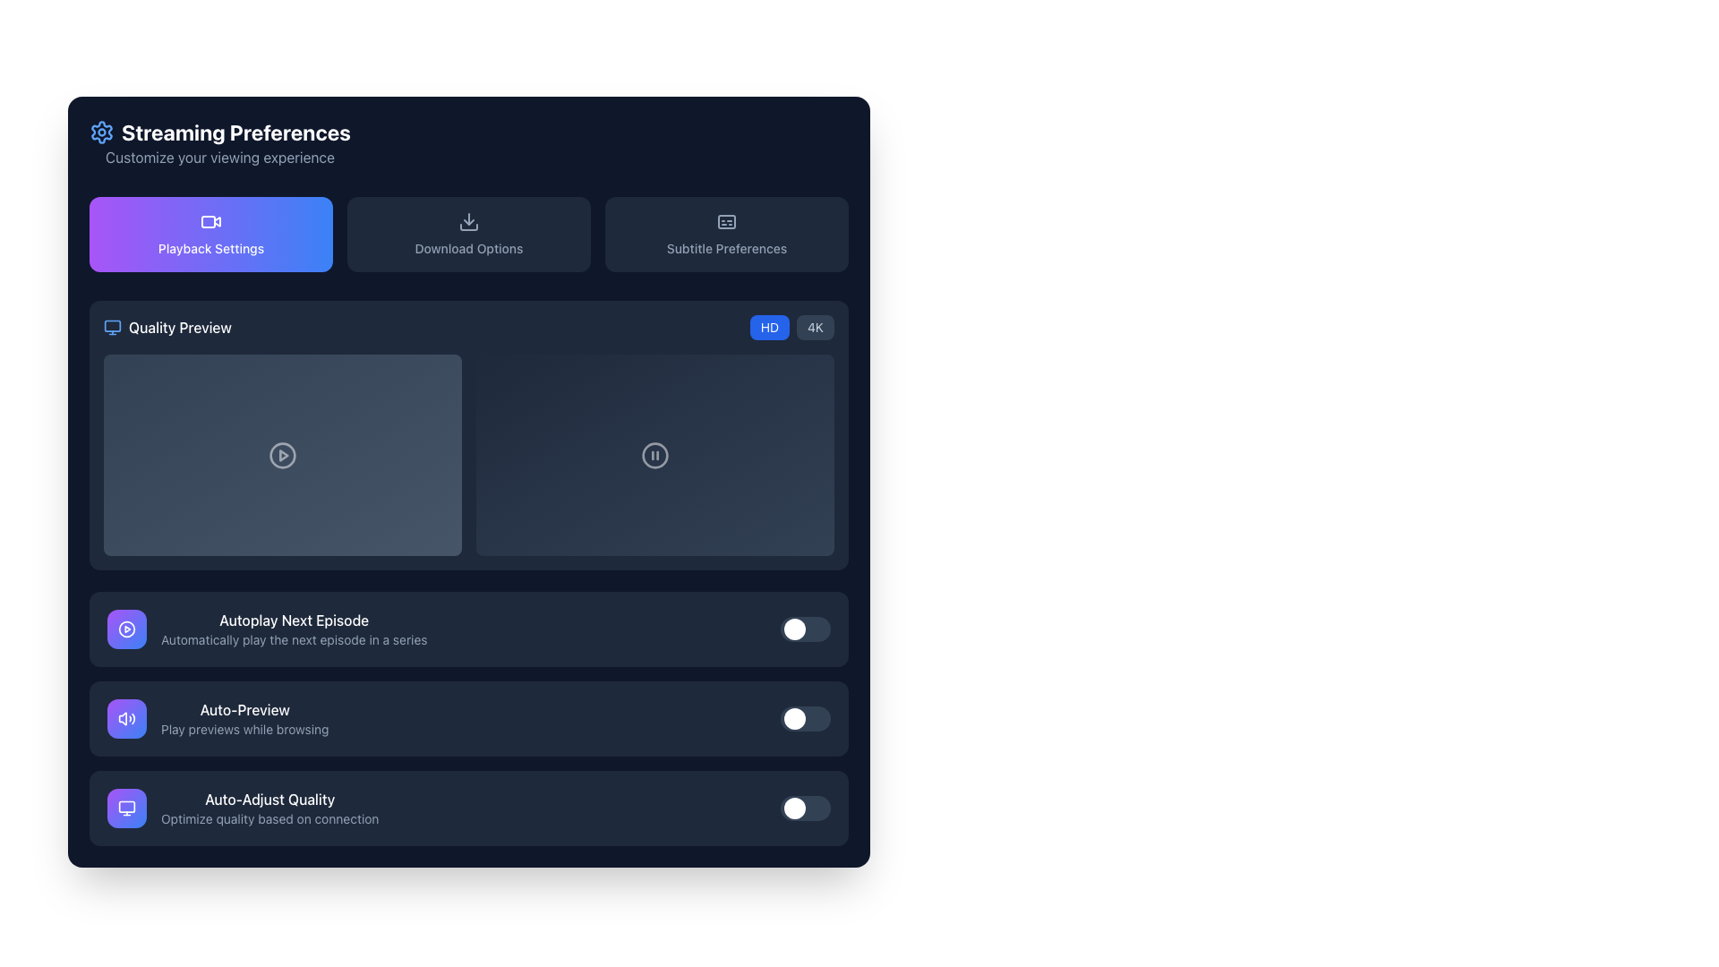 This screenshot has width=1719, height=967. I want to click on the interactive button in the top-right corner of the grid, so click(726, 234).